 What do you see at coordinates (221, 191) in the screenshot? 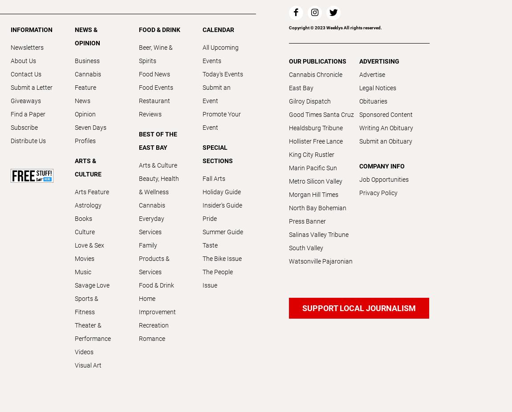
I see `'Holiday Guide'` at bounding box center [221, 191].